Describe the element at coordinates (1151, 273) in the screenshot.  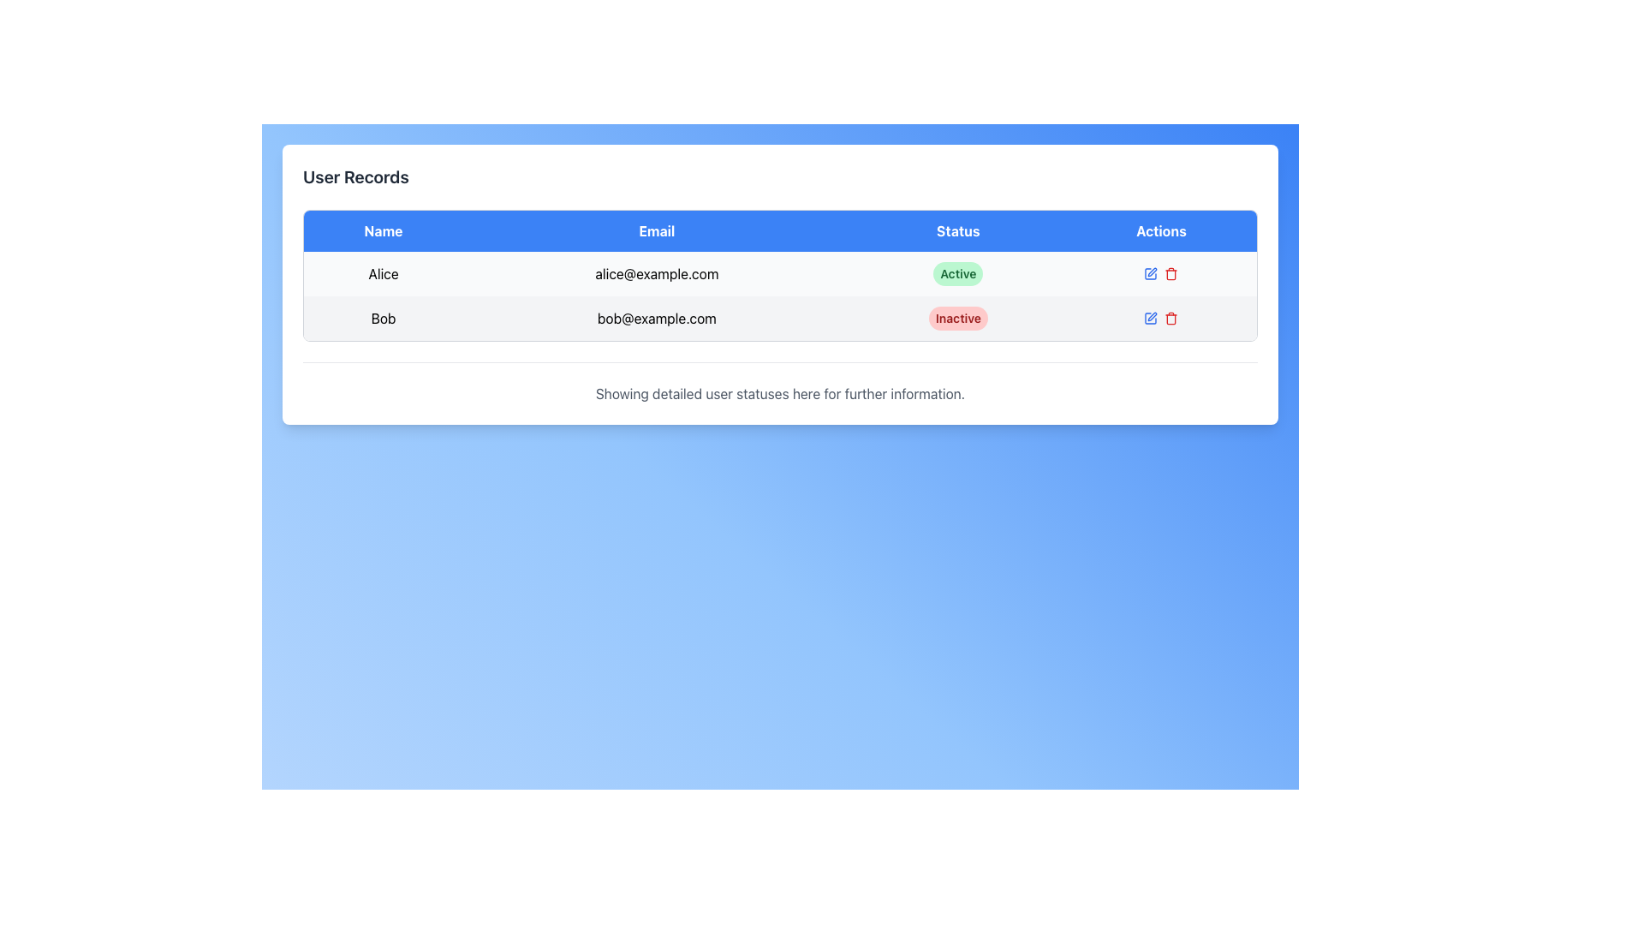
I see `the edit icon in the 'Actions' column of Alice's record` at that location.